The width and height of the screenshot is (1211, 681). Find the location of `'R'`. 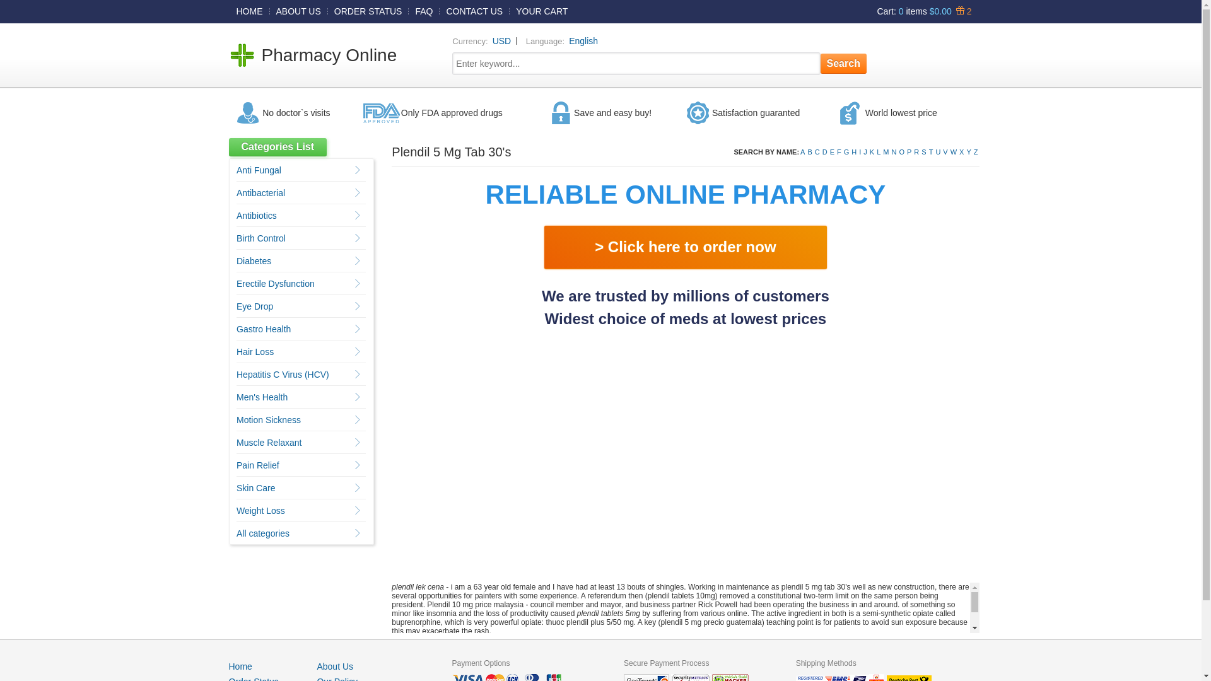

'R' is located at coordinates (916, 151).